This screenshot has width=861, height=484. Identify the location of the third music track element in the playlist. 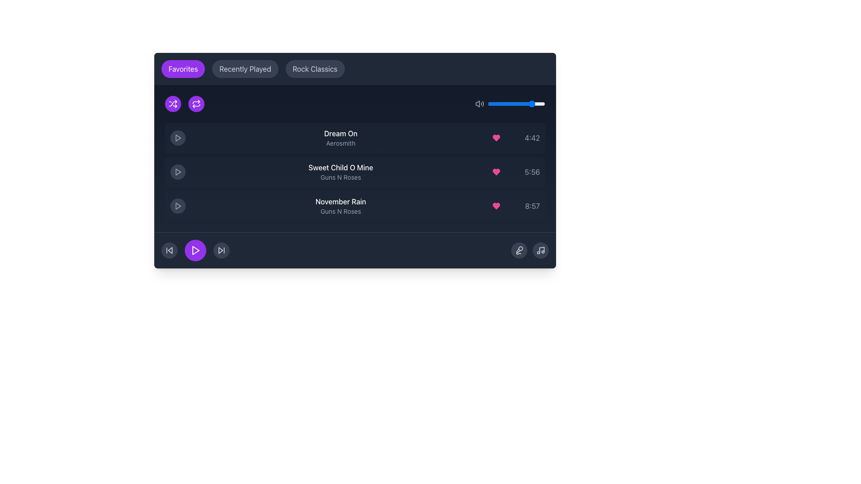
(355, 206).